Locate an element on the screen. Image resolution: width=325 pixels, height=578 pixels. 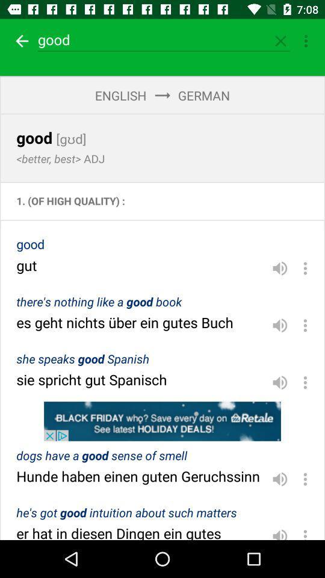
settings tool option is located at coordinates (306, 41).